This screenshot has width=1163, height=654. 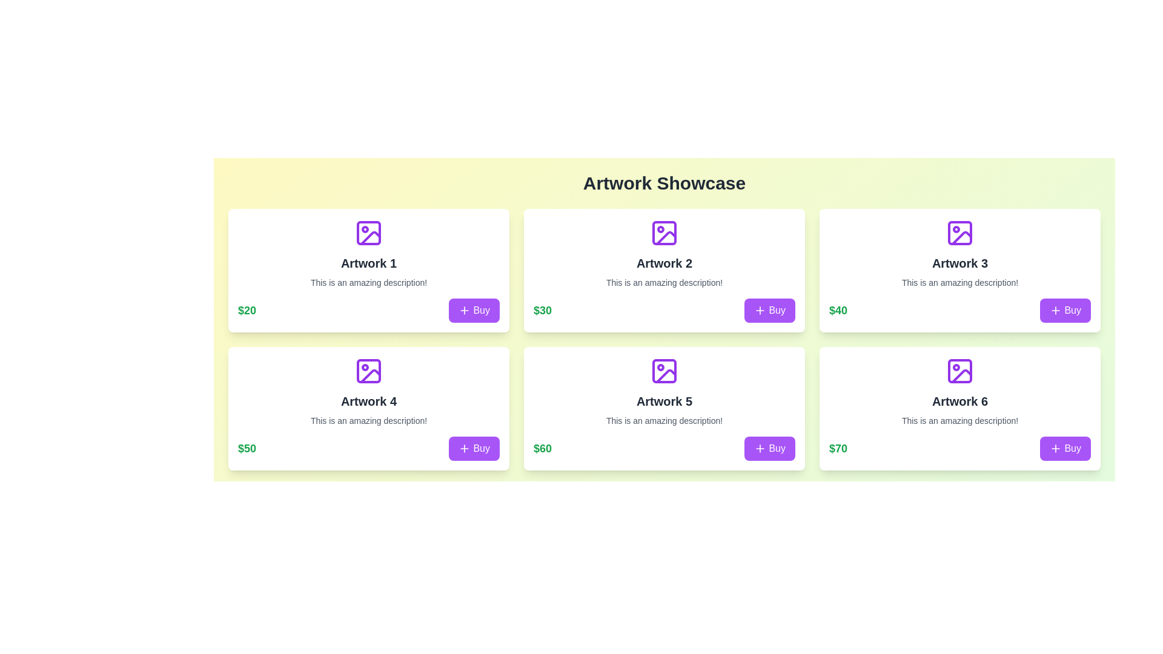 I want to click on the icon within the fifth 'Buy' button located in the second row and third column of the grid layout, so click(x=760, y=448).